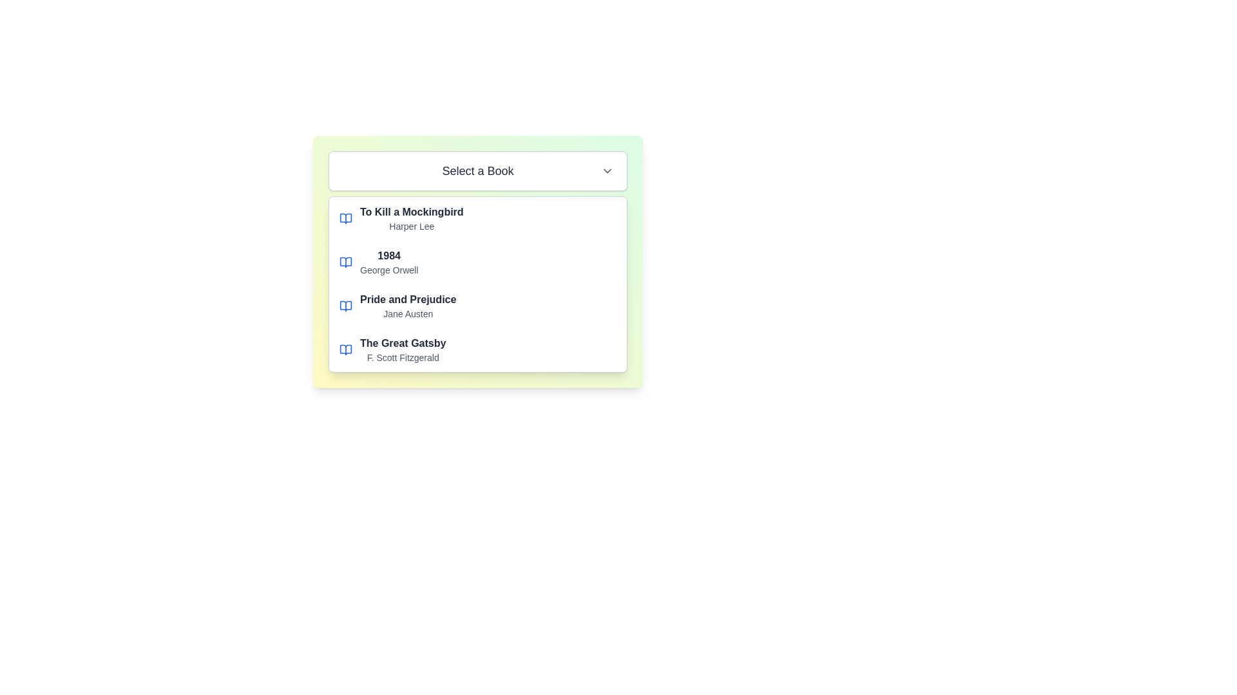 This screenshot has width=1237, height=695. I want to click on the static text label 'To Kill a Mockingbird' which is the first entry in the dropdown list titled 'Select a Book', so click(411, 212).